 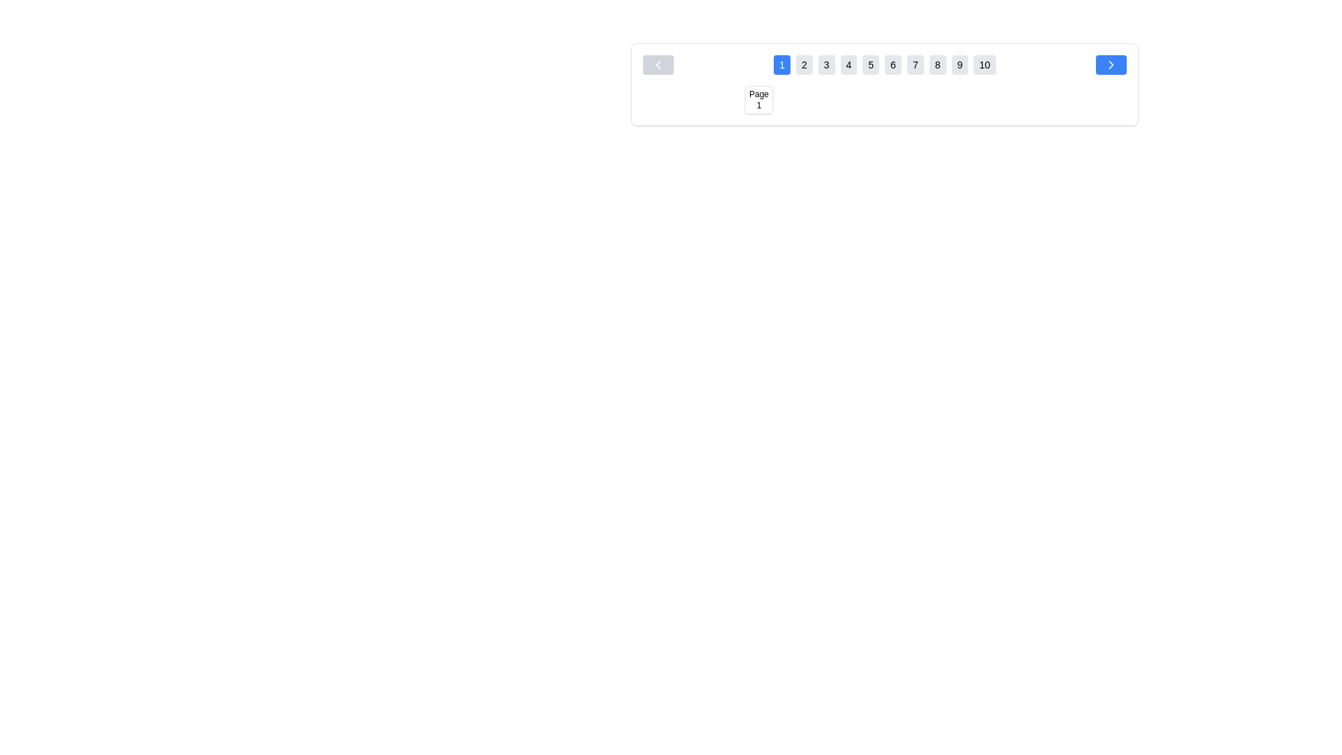 I want to click on the right-pointing arrow icon located at the rightmost position of the pagination menu, so click(x=1110, y=64).